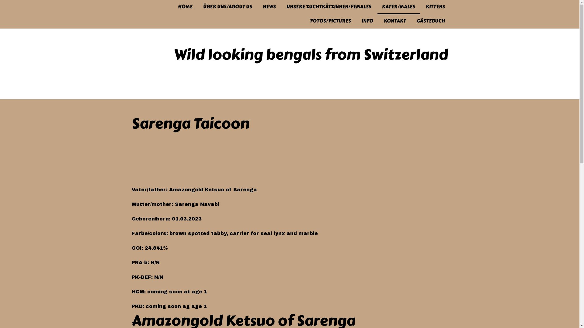 The height and width of the screenshot is (328, 584). What do you see at coordinates (435, 7) in the screenshot?
I see `'KITTENS'` at bounding box center [435, 7].